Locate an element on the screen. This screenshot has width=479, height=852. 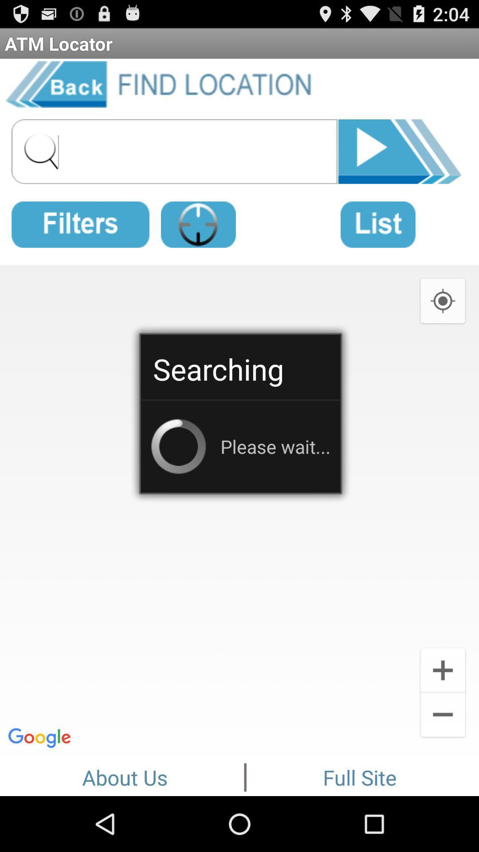
the app above about us is located at coordinates (239, 509).